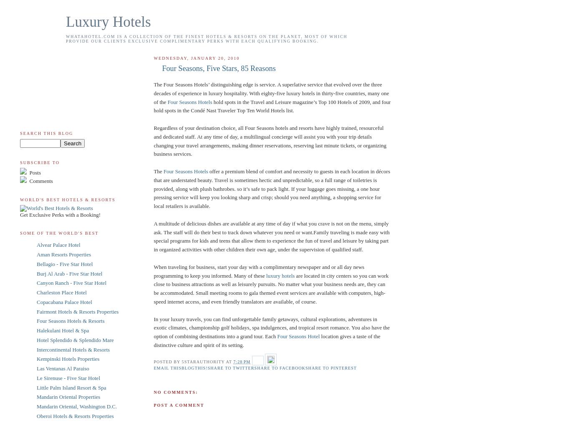 Image resolution: width=570 pixels, height=423 pixels. I want to click on 'Hotel Splendido & Splendido Mare', so click(75, 339).